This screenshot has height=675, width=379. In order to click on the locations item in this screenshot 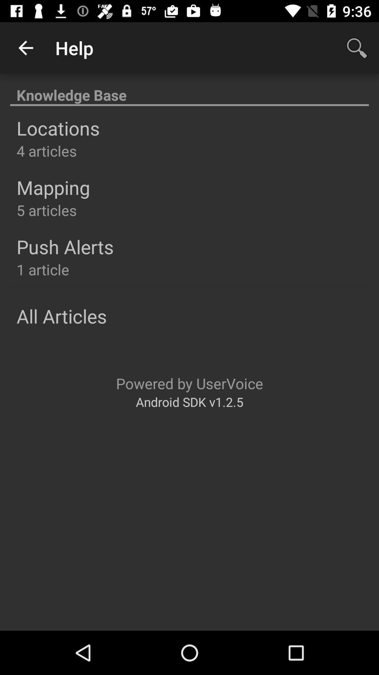, I will do `click(58, 128)`.